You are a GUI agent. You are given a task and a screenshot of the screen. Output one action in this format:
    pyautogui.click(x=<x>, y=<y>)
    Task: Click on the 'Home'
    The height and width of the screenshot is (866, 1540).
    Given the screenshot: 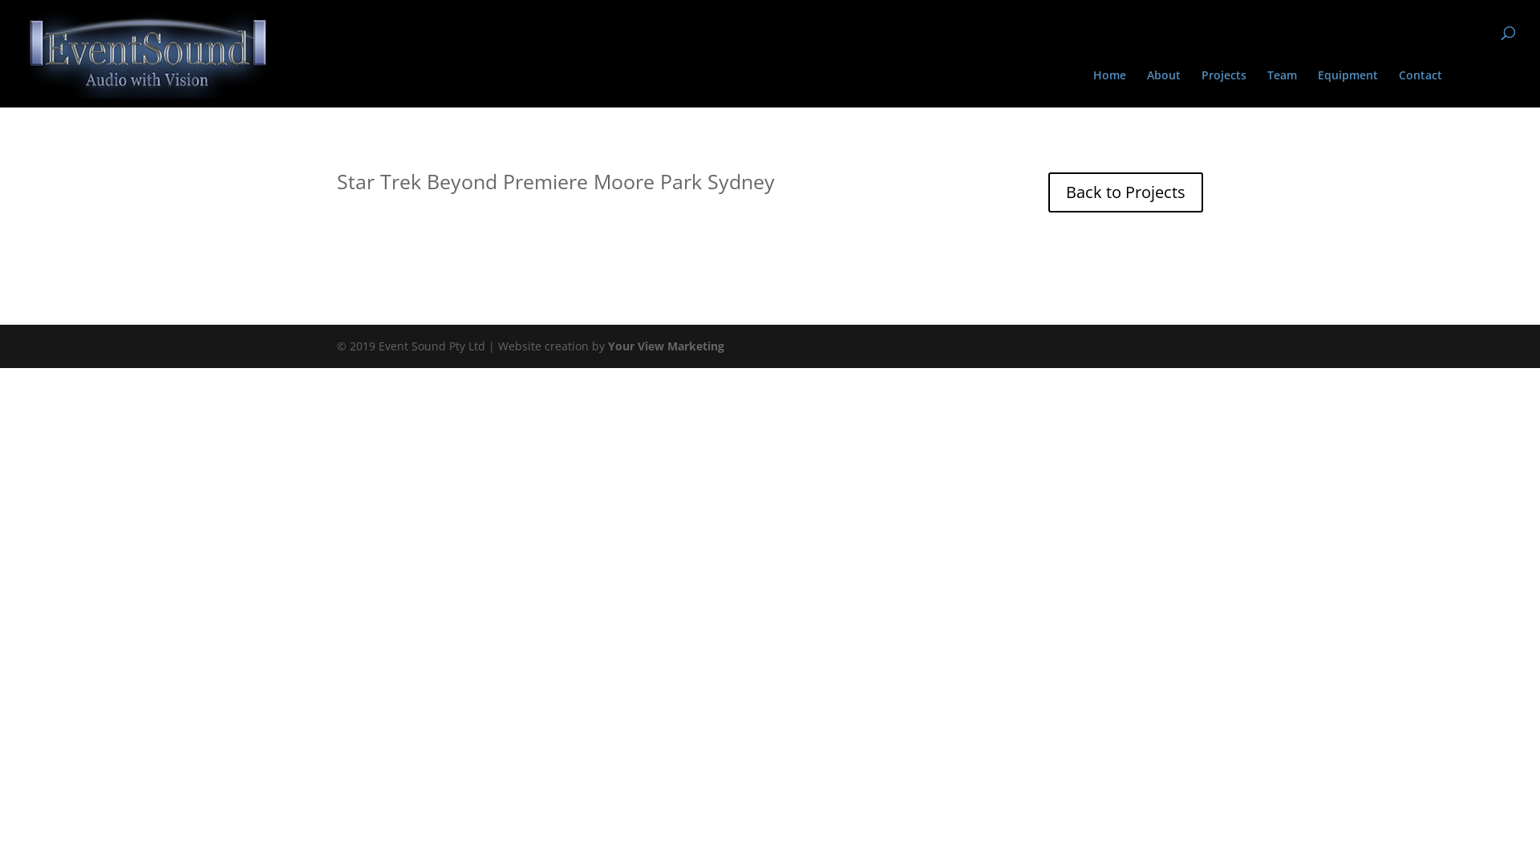 What is the action you would take?
    pyautogui.click(x=1108, y=88)
    